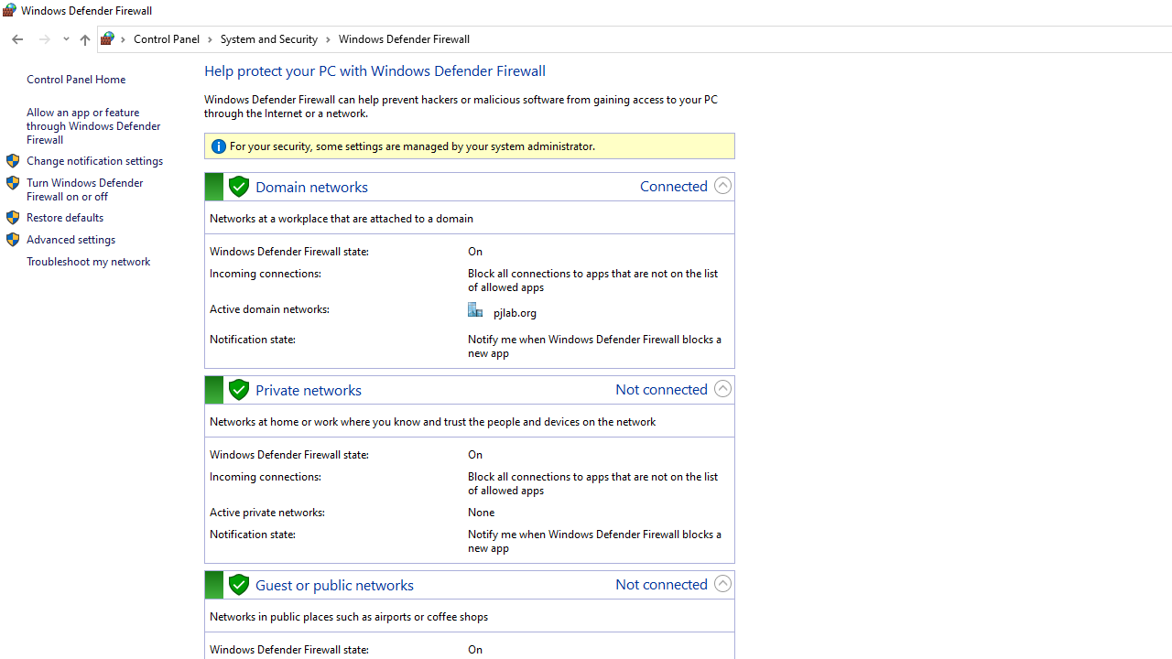 Image resolution: width=1172 pixels, height=659 pixels. I want to click on 'Turn Windows Defender Firewall on or off', so click(85, 189).